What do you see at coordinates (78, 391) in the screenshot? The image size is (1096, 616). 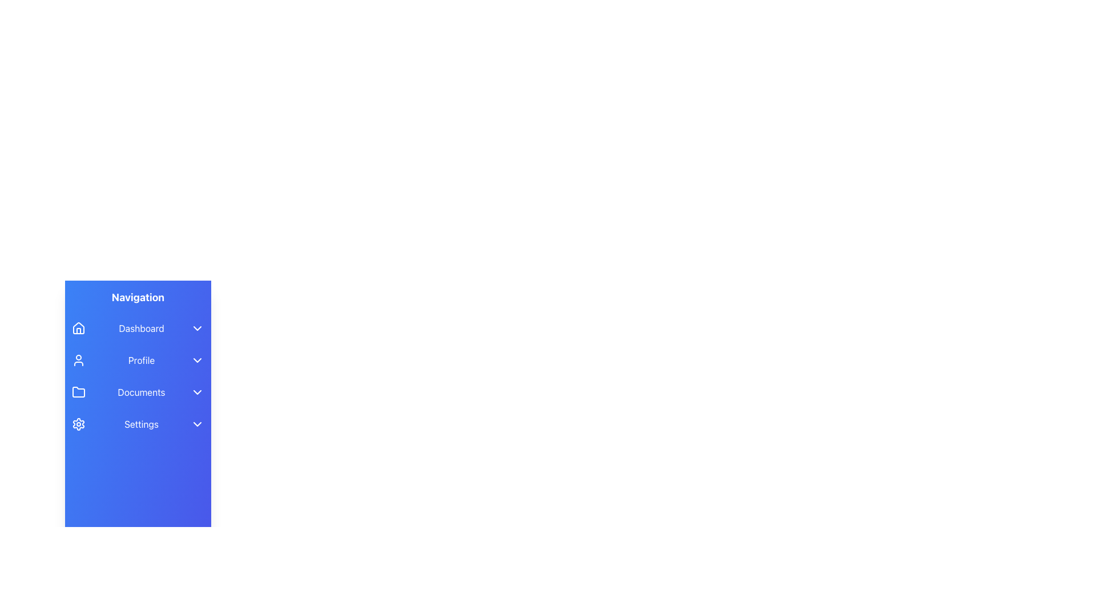 I see `the folder icon located in the navigation menu to the left of the 'Documents' text` at bounding box center [78, 391].